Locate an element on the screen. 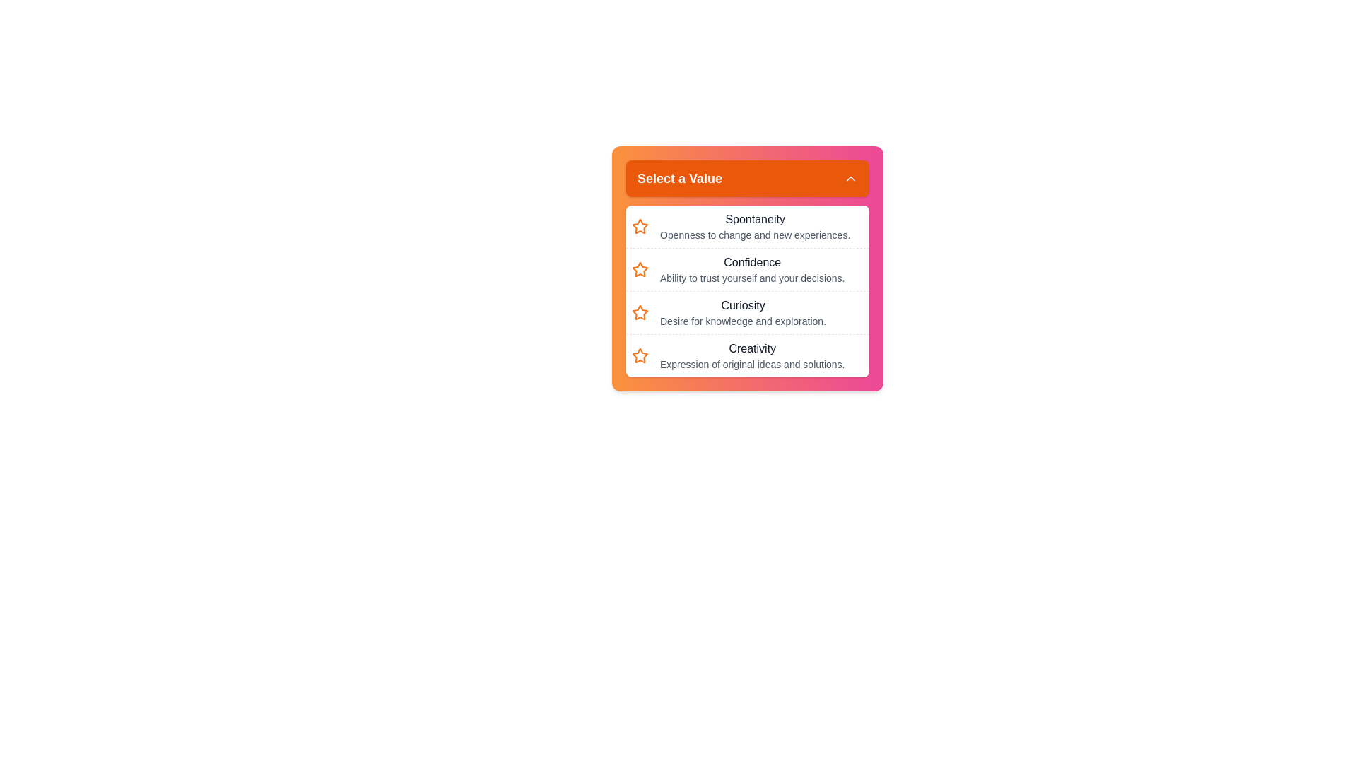  the 'Creativity' text label in the selection interface that describes the concept with a brief definition, located as the fourth item under the heading 'Select a Value.' is located at coordinates (751, 355).